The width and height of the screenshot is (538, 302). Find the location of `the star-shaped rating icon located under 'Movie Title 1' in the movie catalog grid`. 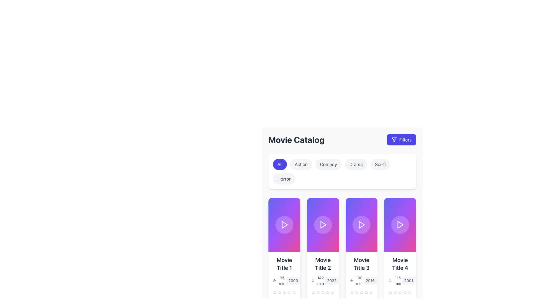

the star-shaped rating icon located under 'Movie Title 1' in the movie catalog grid is located at coordinates (284, 292).